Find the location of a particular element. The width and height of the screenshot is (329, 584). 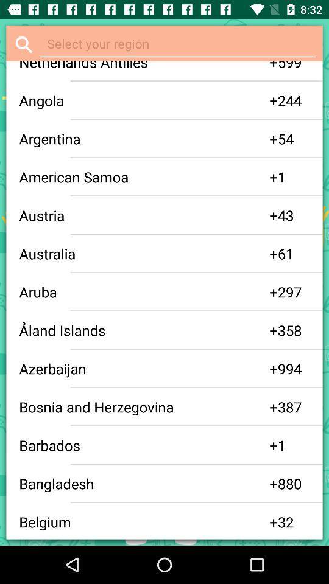

the icon next to + is located at coordinates (293, 66).